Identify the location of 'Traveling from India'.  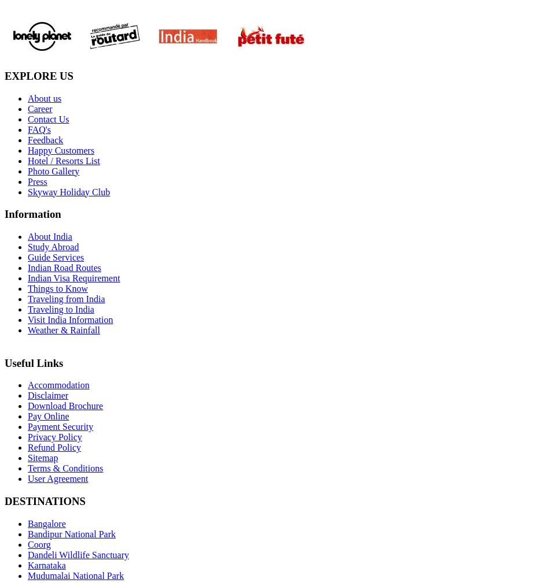
(65, 298).